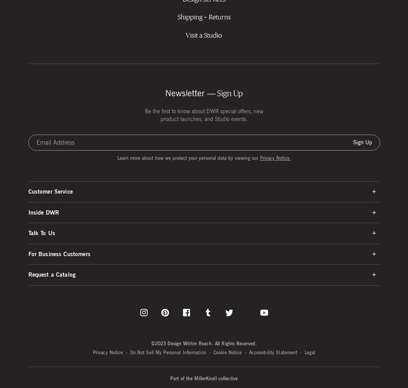 This screenshot has height=388, width=408. Describe the element at coordinates (203, 114) in the screenshot. I see `'Be the first to know about DWR special offers, new product launches, and Studio events.'` at that location.